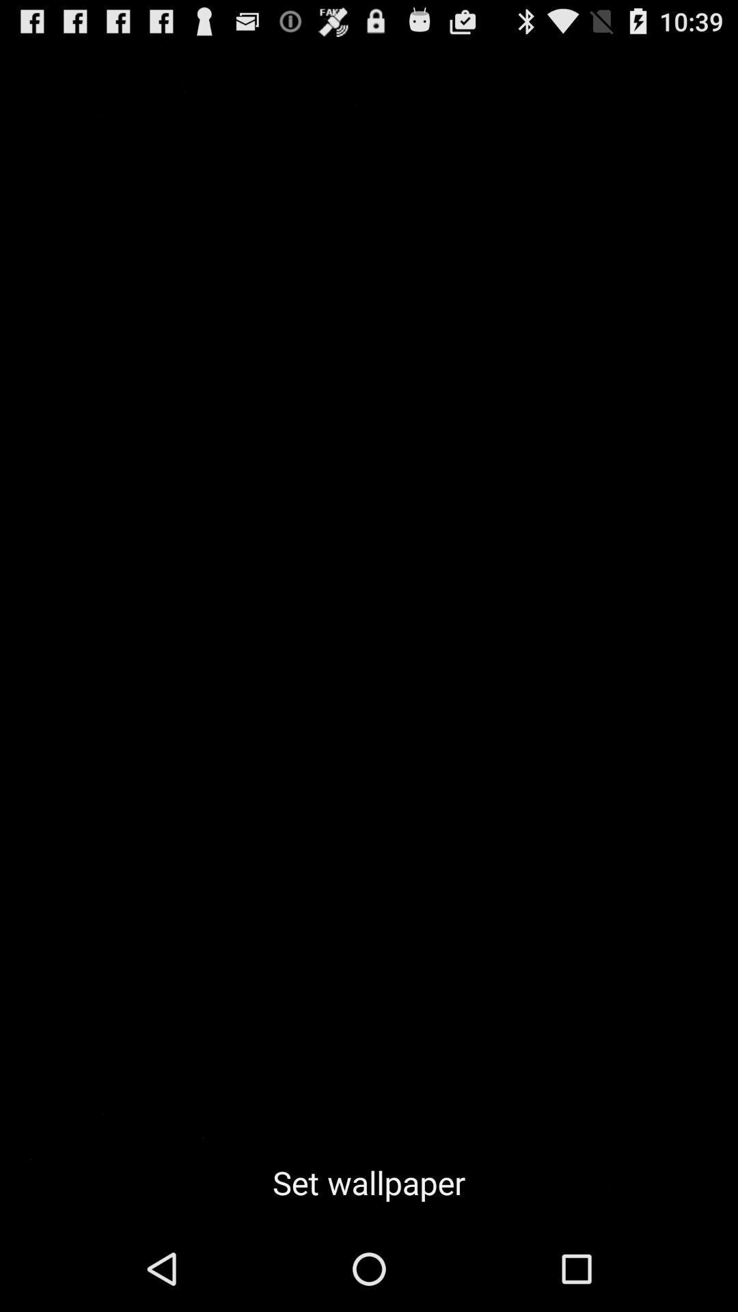 This screenshot has height=1312, width=738. Describe the element at coordinates (369, 1182) in the screenshot. I see `set wallpaper` at that location.